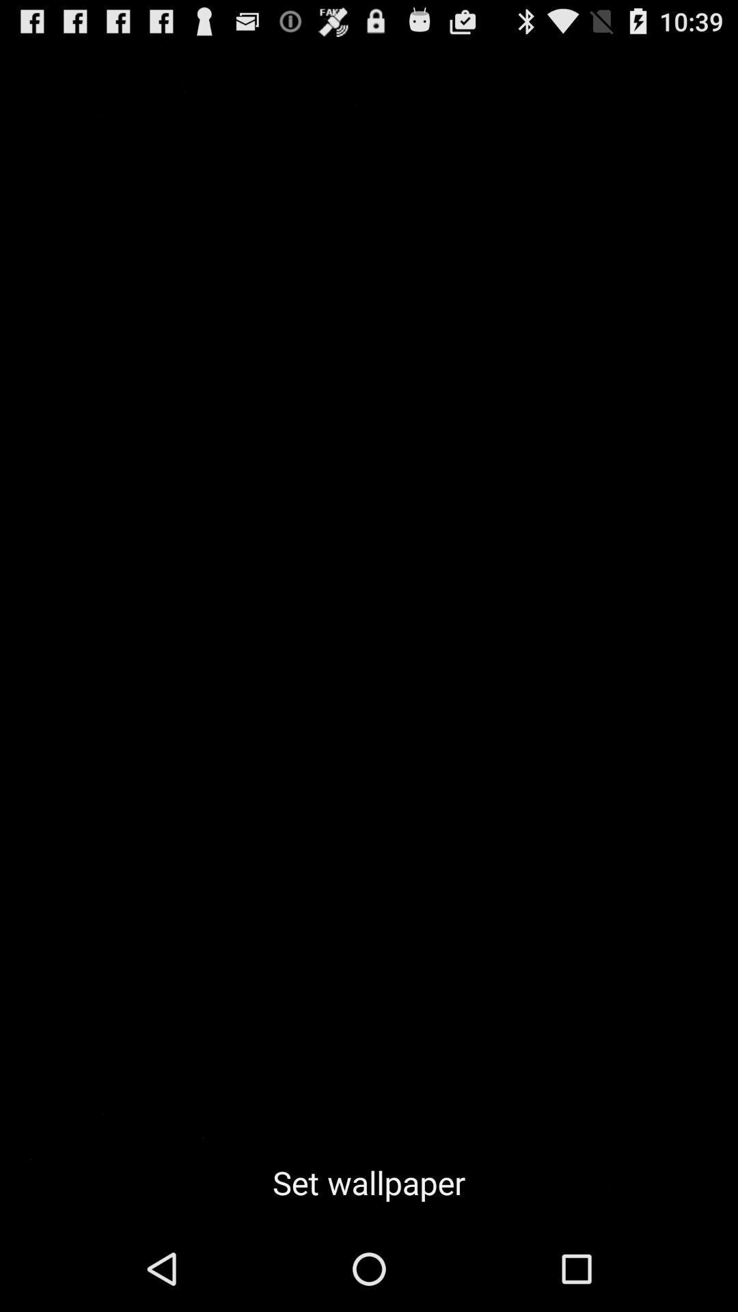 This screenshot has height=1312, width=738. Describe the element at coordinates (369, 1182) in the screenshot. I see `set wallpaper` at that location.